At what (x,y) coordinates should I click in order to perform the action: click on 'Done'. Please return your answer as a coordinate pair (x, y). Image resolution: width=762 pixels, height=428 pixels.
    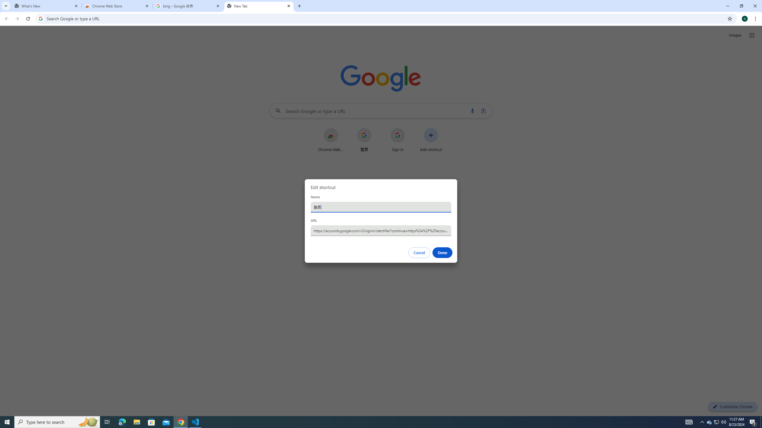
    Looking at the image, I should click on (443, 253).